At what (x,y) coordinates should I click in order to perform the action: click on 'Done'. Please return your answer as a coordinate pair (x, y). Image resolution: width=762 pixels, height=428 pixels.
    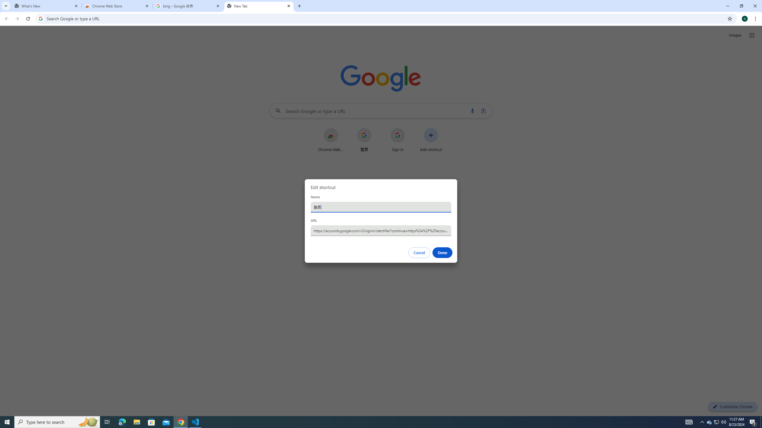
    Looking at the image, I should click on (443, 253).